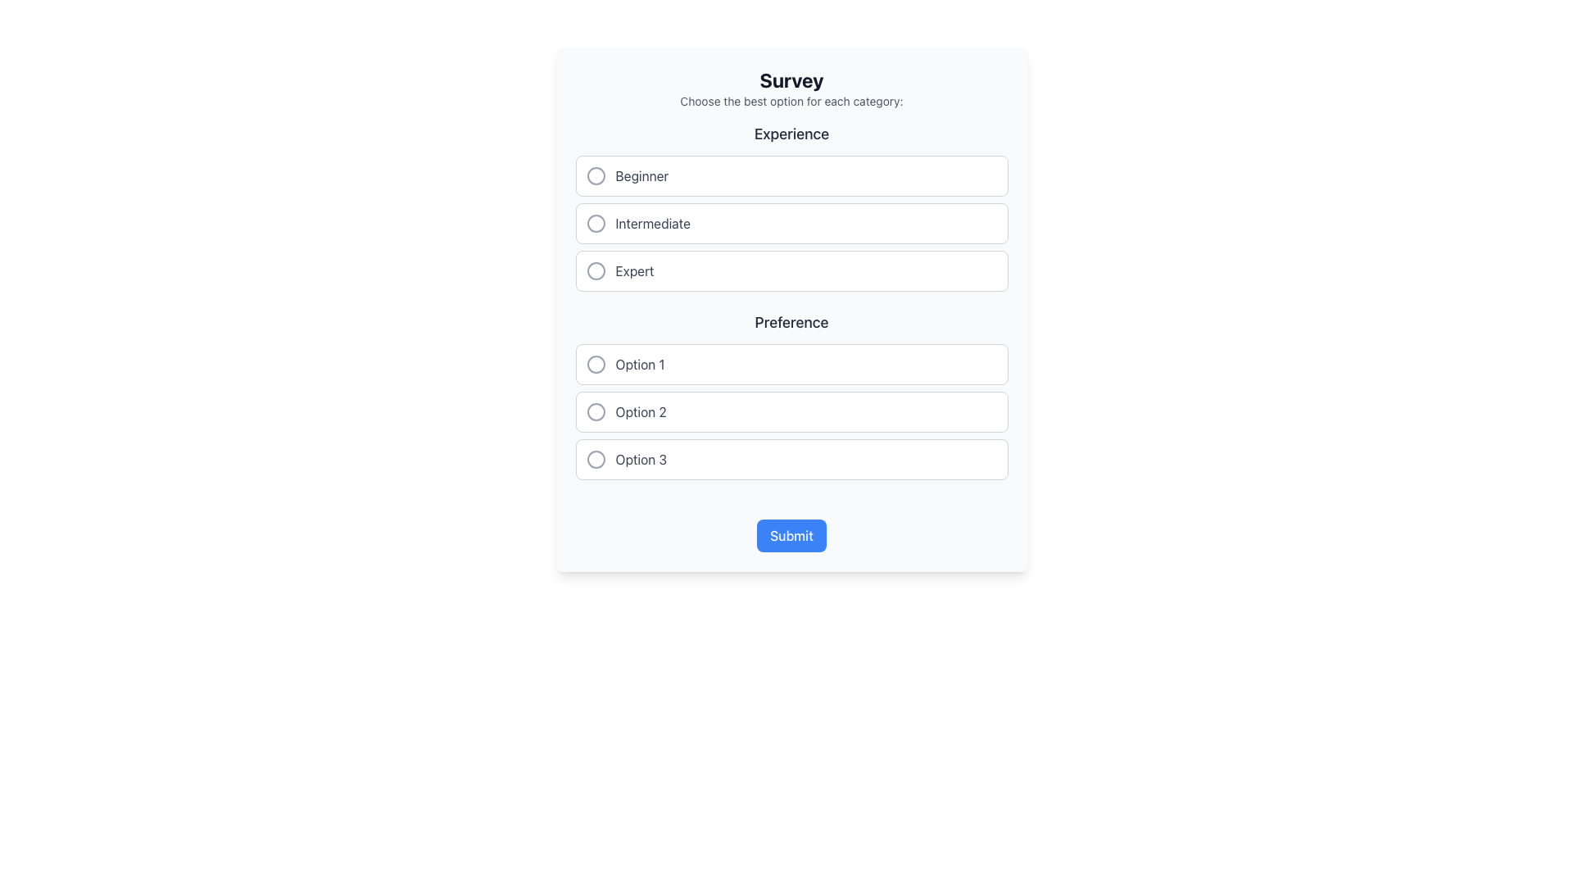  What do you see at coordinates (791, 459) in the screenshot?
I see `the 'Option 3' selectable list item, which is the third item in a vertically stacked group of options under the 'Preference' section` at bounding box center [791, 459].